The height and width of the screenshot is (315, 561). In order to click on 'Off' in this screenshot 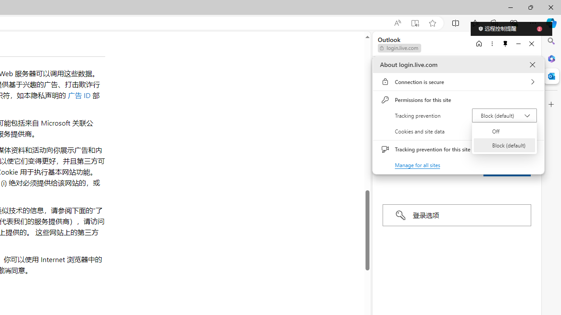, I will do `click(504, 131)`.